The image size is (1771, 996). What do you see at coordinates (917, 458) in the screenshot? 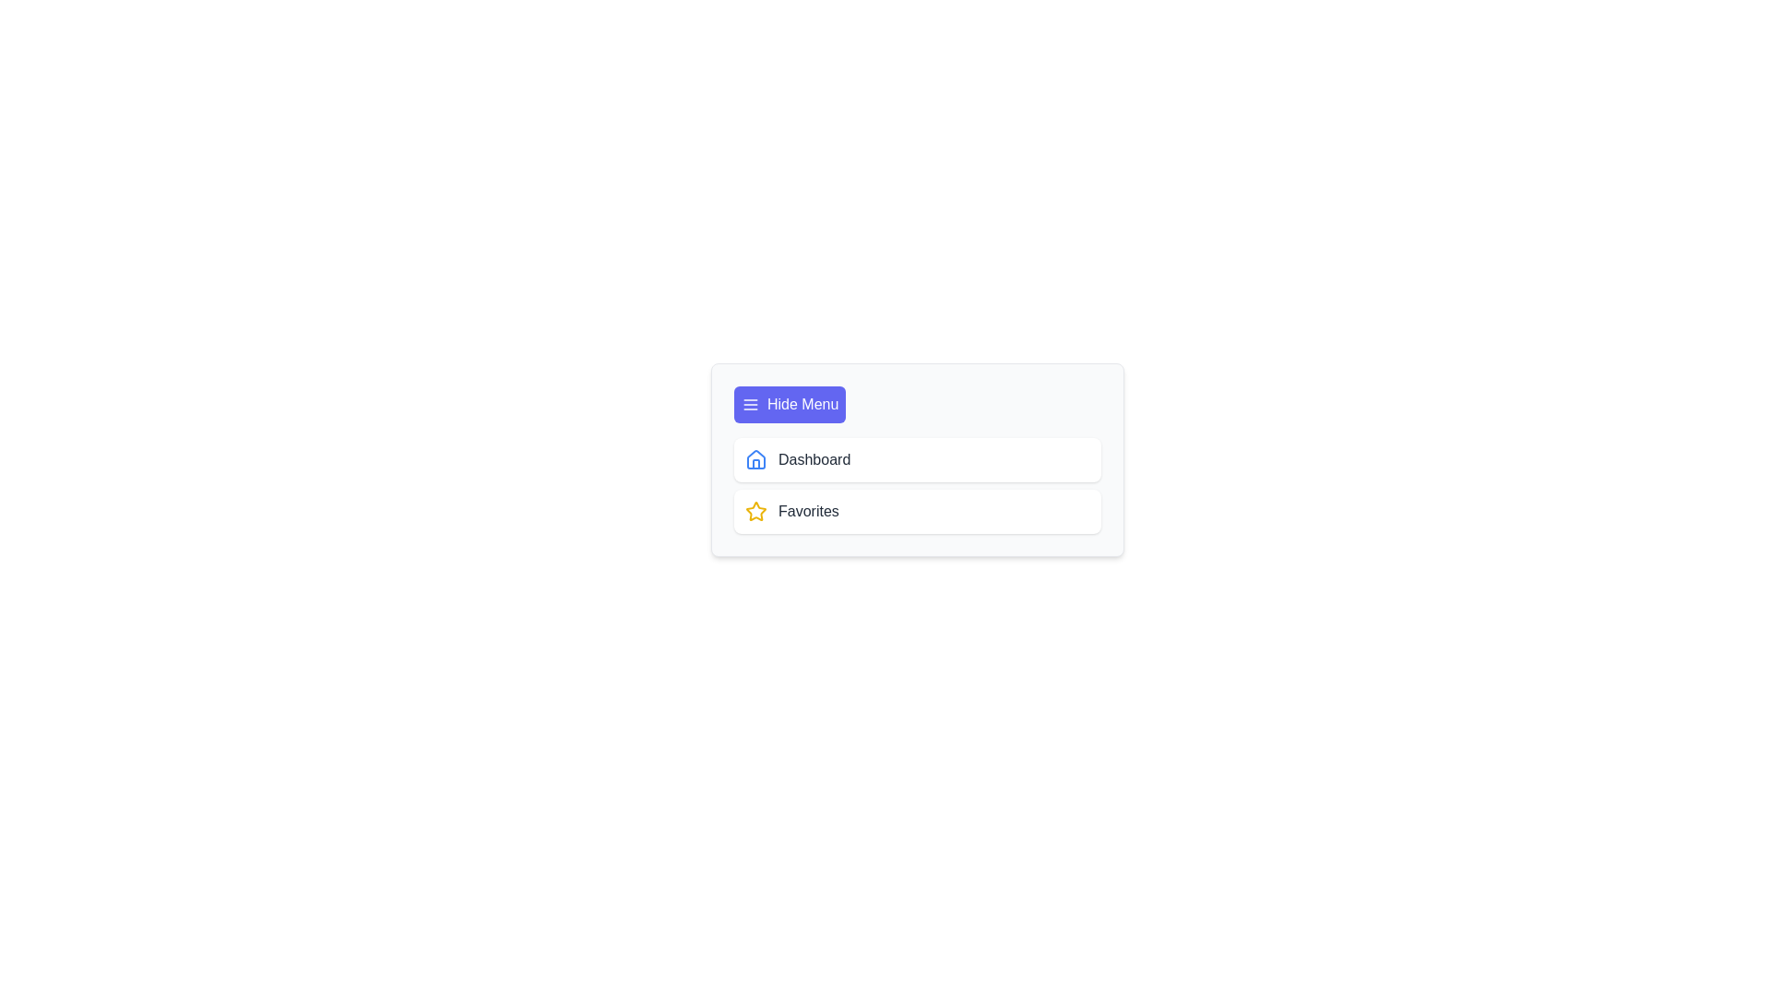
I see `the list item Dashboard to observe the hover effect` at bounding box center [917, 458].